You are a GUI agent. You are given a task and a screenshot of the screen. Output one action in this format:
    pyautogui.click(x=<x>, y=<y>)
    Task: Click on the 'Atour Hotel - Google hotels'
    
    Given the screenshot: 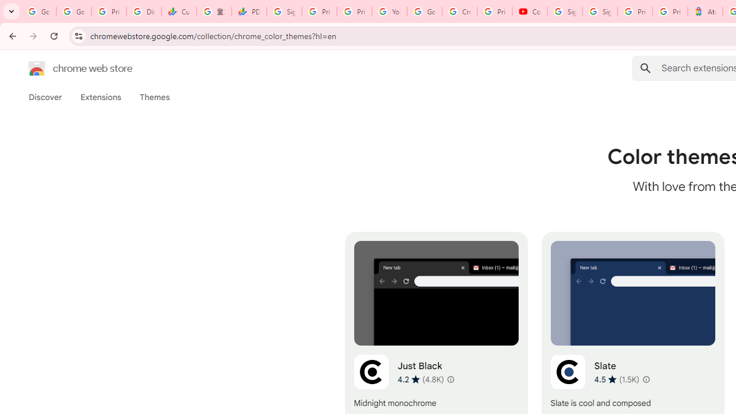 What is the action you would take?
    pyautogui.click(x=704, y=11)
    